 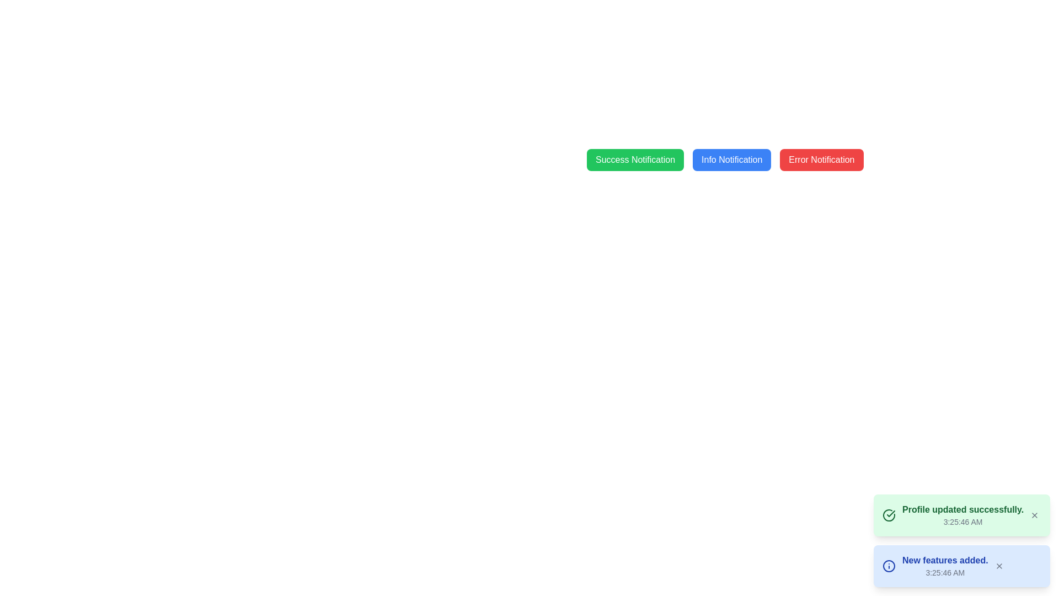 What do you see at coordinates (961, 540) in the screenshot?
I see `the Notification message box indicating a successful profile update, located in the bottom-right corner of the interface above the blue 'New features added' notification box` at bounding box center [961, 540].